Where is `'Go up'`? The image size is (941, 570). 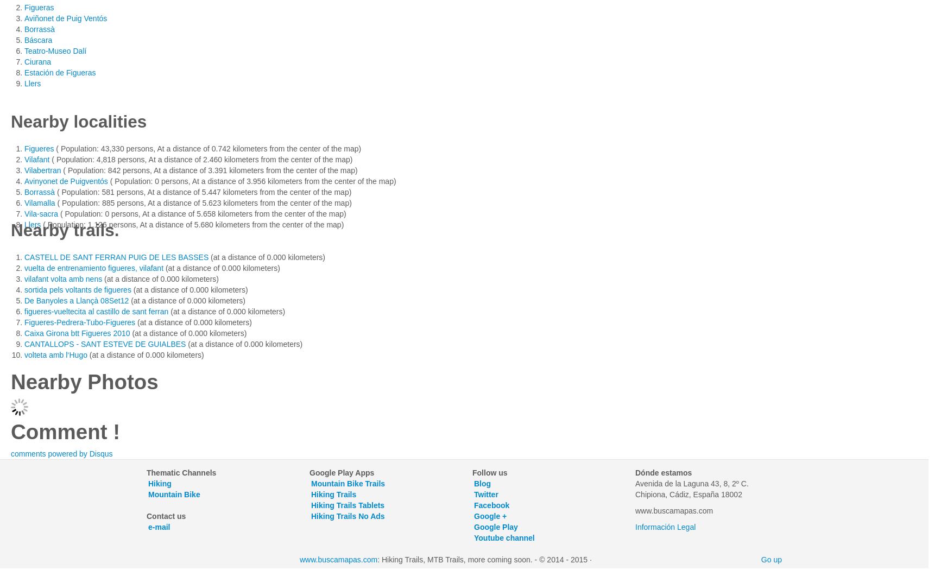 'Go up' is located at coordinates (771, 559).